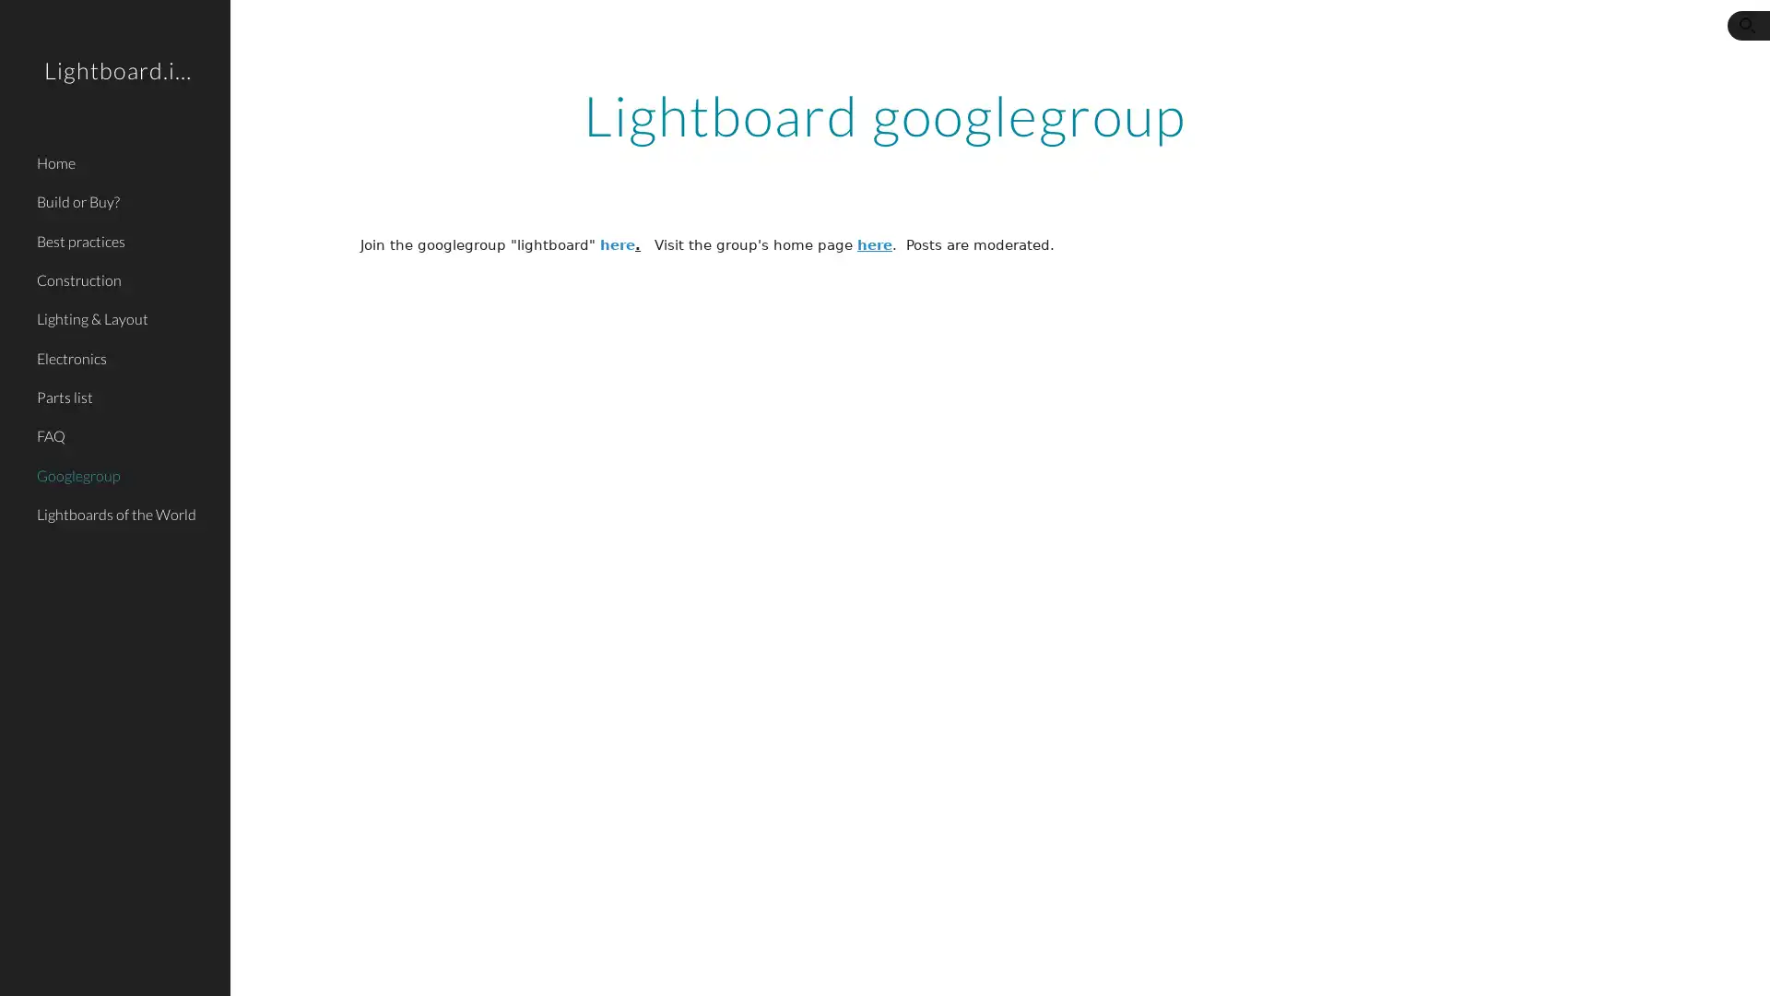 The width and height of the screenshot is (1770, 996). Describe the element at coordinates (453, 963) in the screenshot. I see `Report abuse` at that location.